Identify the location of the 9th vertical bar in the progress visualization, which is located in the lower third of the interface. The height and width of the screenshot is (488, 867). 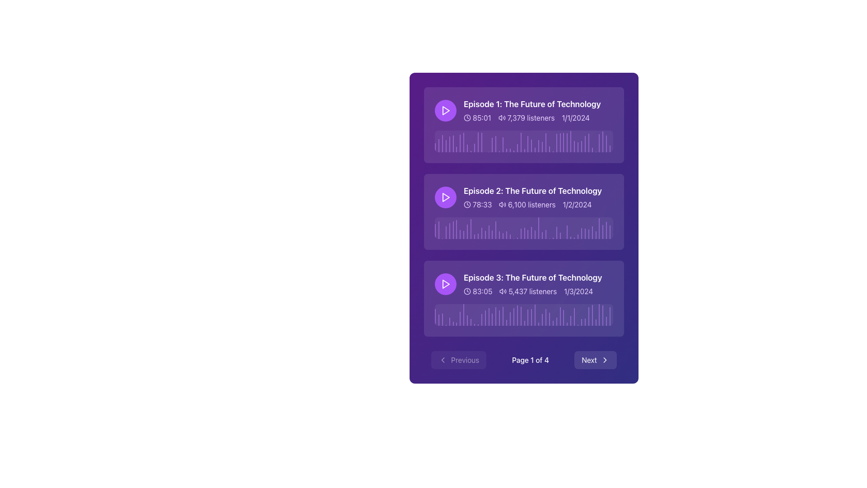
(464, 314).